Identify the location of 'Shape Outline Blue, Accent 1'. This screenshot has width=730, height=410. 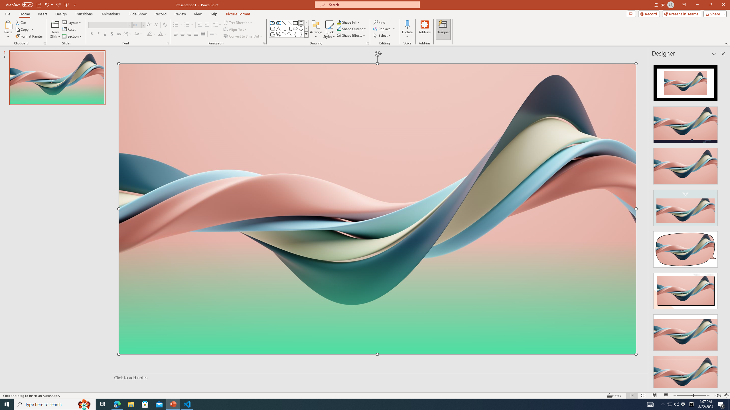
(339, 28).